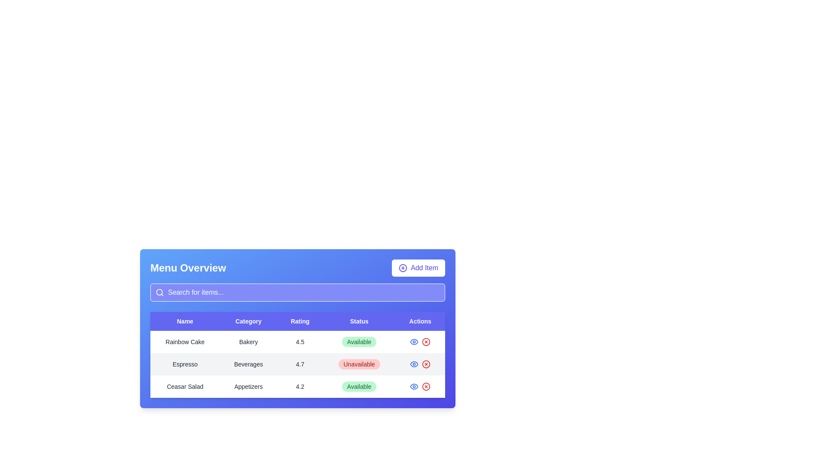 The width and height of the screenshot is (825, 464). I want to click on the blue eye-shaped icon button located in the 'Actions' column of the table next to the 'Status' value of 'Available' in the 'Appetizers' row, so click(414, 386).